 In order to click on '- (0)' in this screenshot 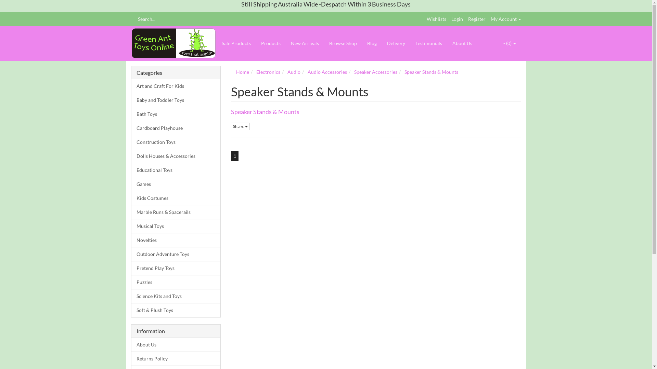, I will do `click(510, 43)`.